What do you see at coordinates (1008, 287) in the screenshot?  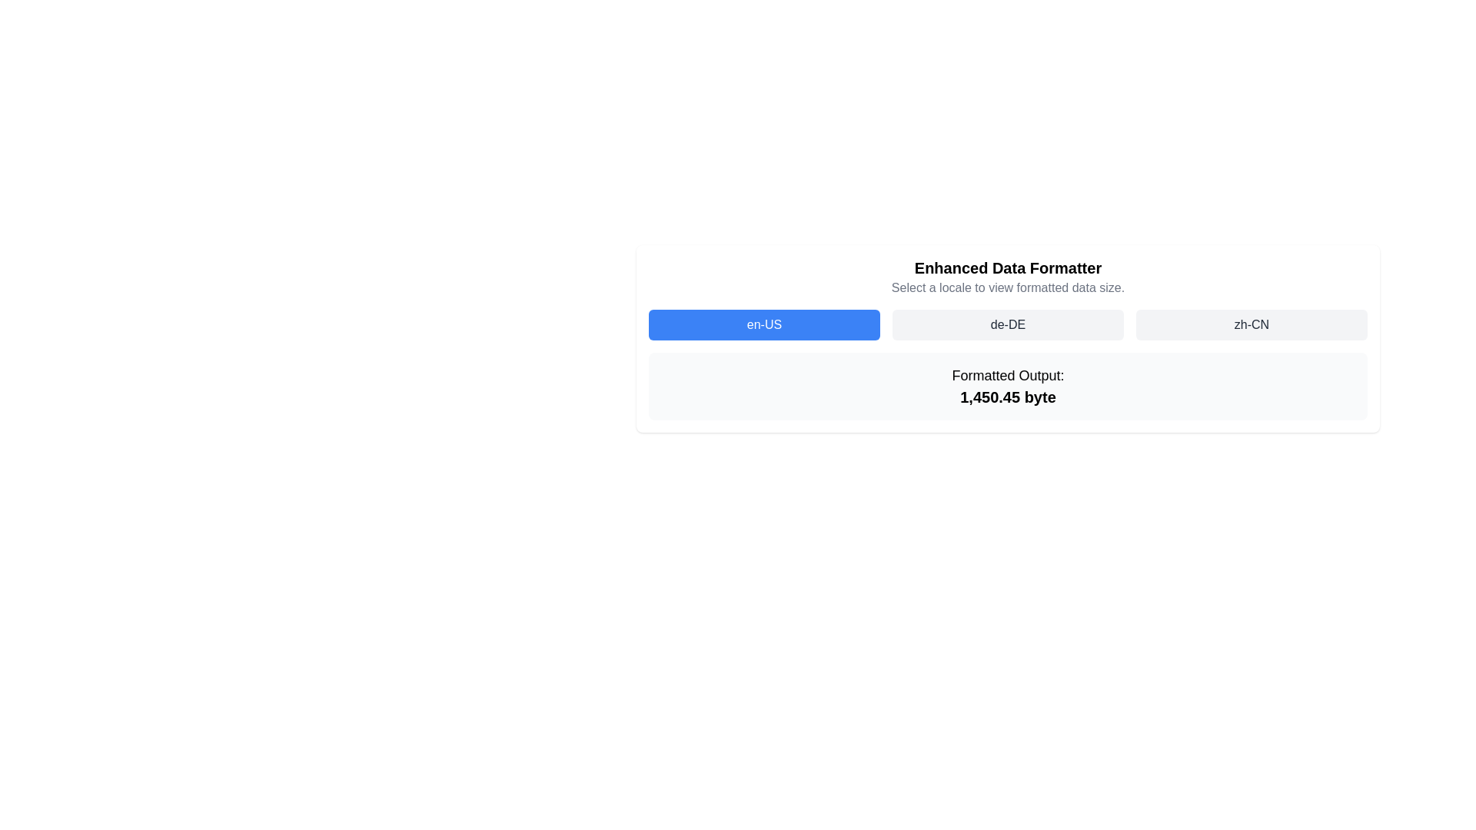 I see `the static text label that reads 'Select a locale` at bounding box center [1008, 287].